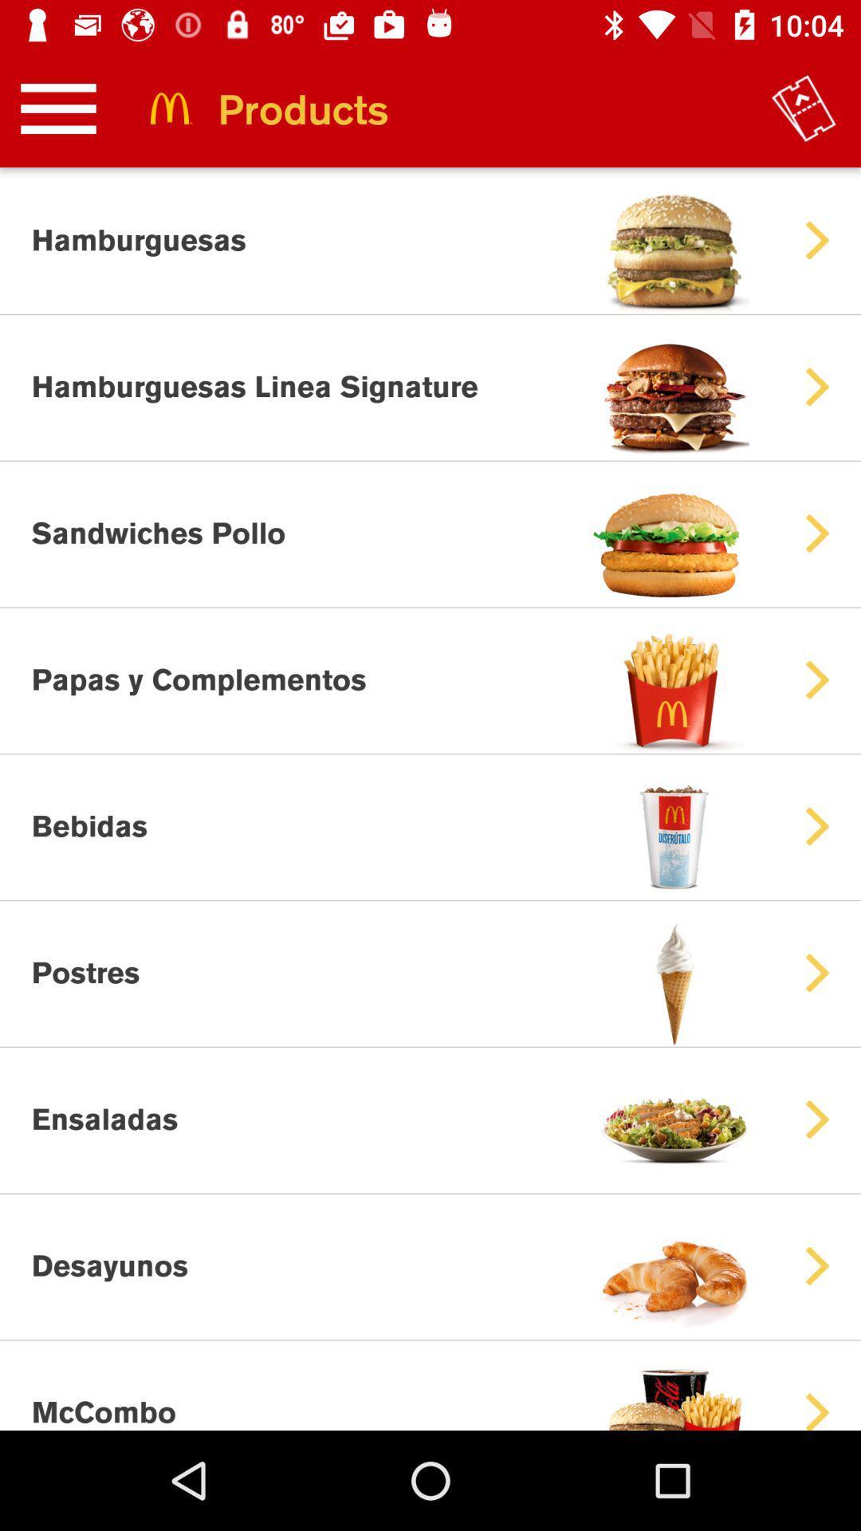 The height and width of the screenshot is (1531, 861). What do you see at coordinates (57, 108) in the screenshot?
I see `the icon above hamburguesas icon` at bounding box center [57, 108].